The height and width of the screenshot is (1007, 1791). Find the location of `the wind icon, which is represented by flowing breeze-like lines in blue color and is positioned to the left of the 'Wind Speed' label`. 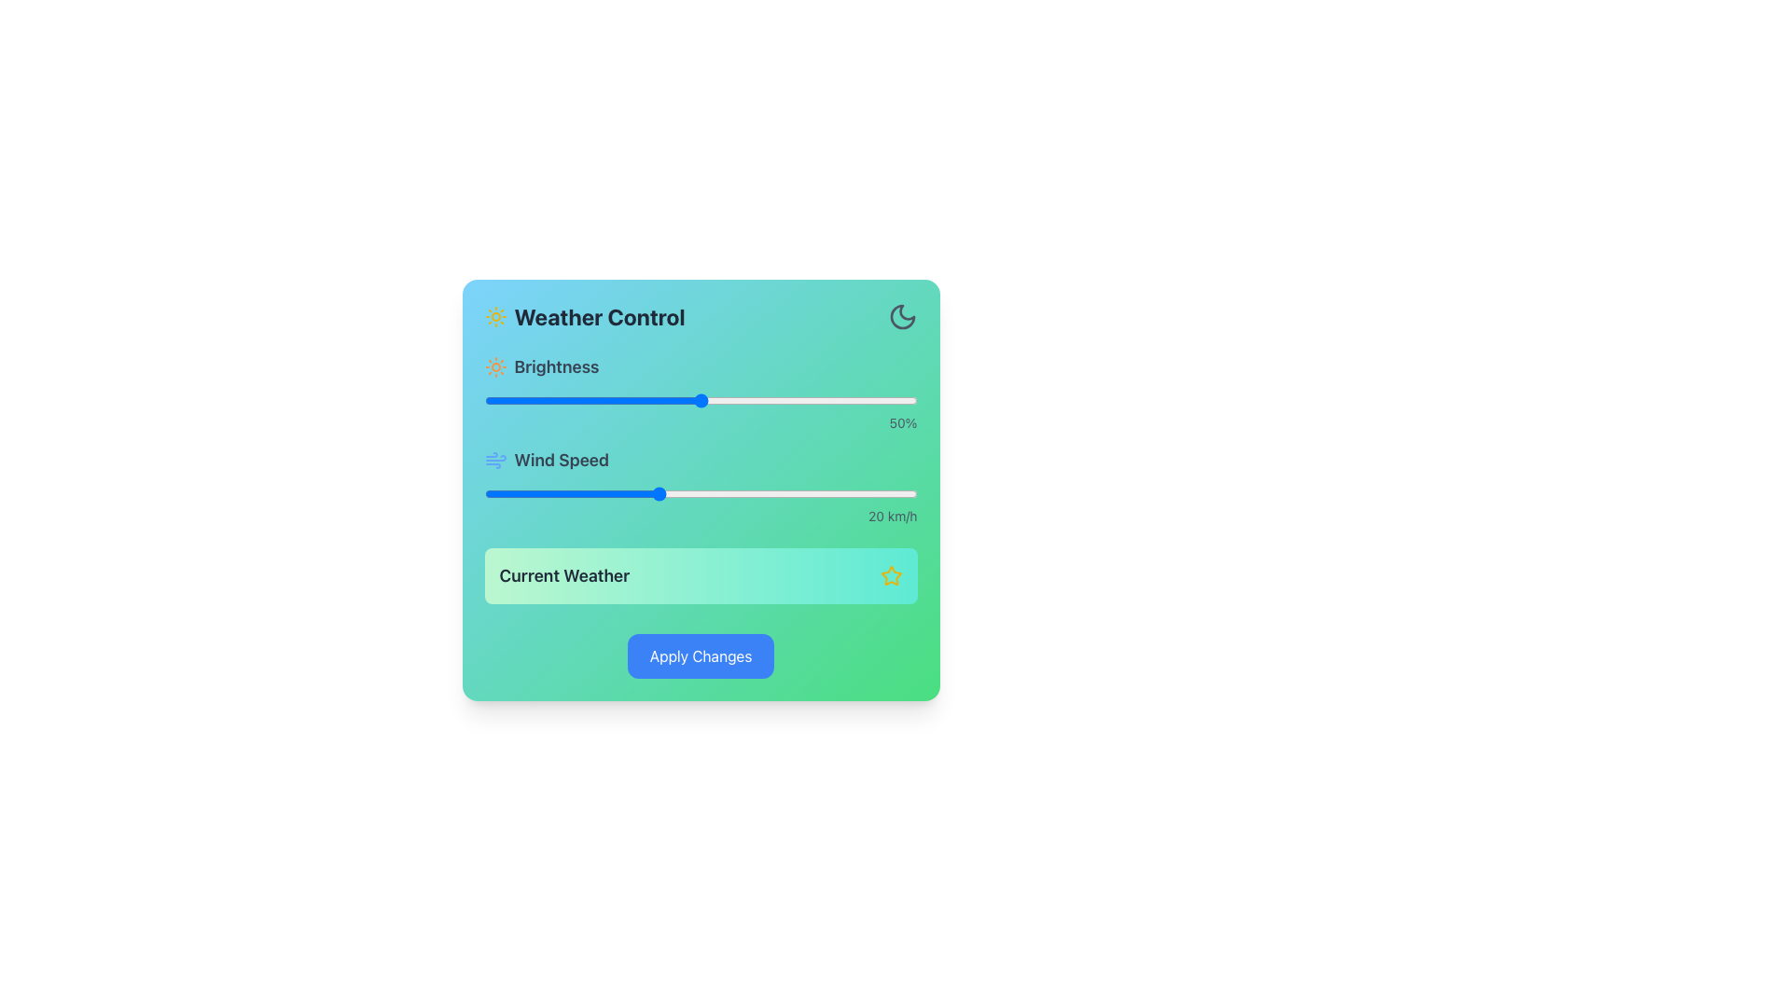

the wind icon, which is represented by flowing breeze-like lines in blue color and is positioned to the left of the 'Wind Speed' label is located at coordinates (495, 460).